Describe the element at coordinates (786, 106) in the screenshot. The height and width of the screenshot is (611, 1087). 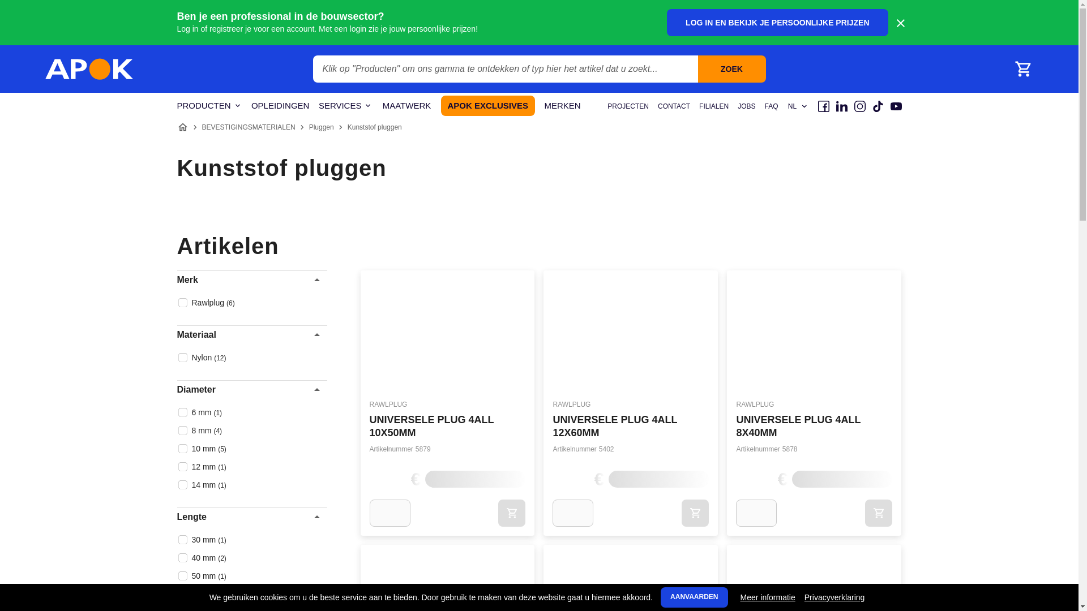
I see `'NL'` at that location.